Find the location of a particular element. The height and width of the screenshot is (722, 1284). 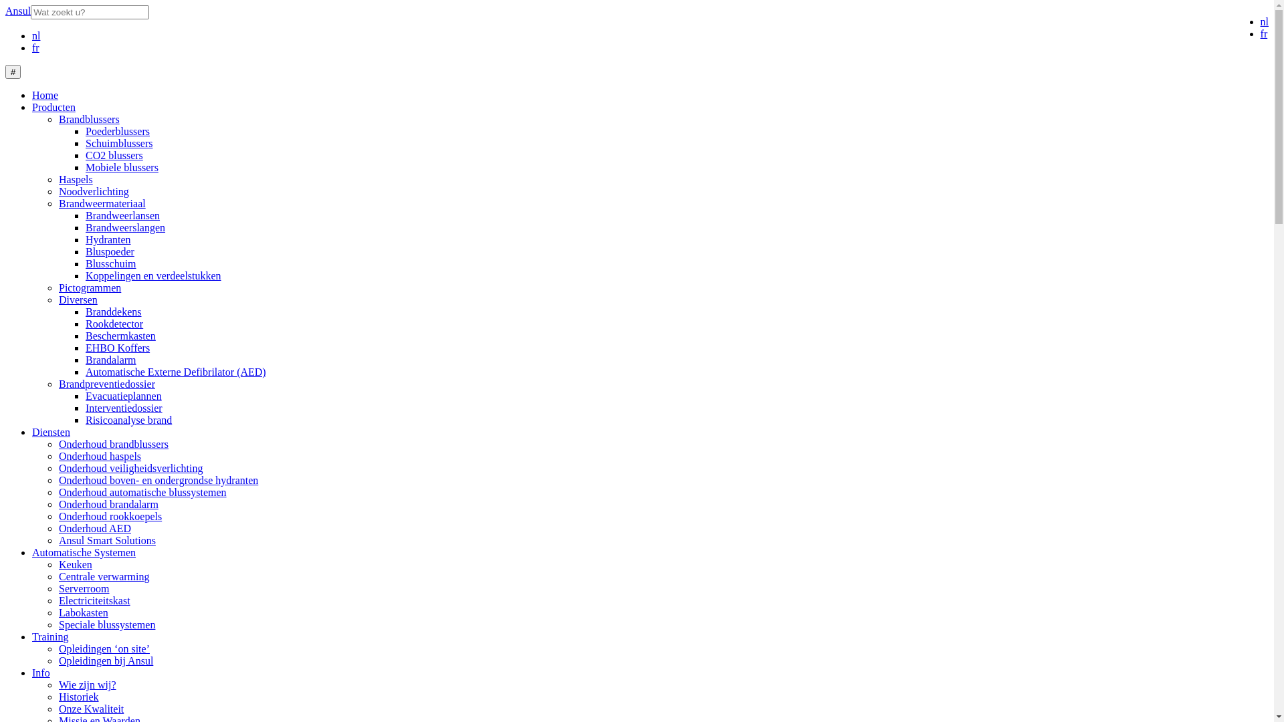

'Risicoanalyse brand' is located at coordinates (128, 419).